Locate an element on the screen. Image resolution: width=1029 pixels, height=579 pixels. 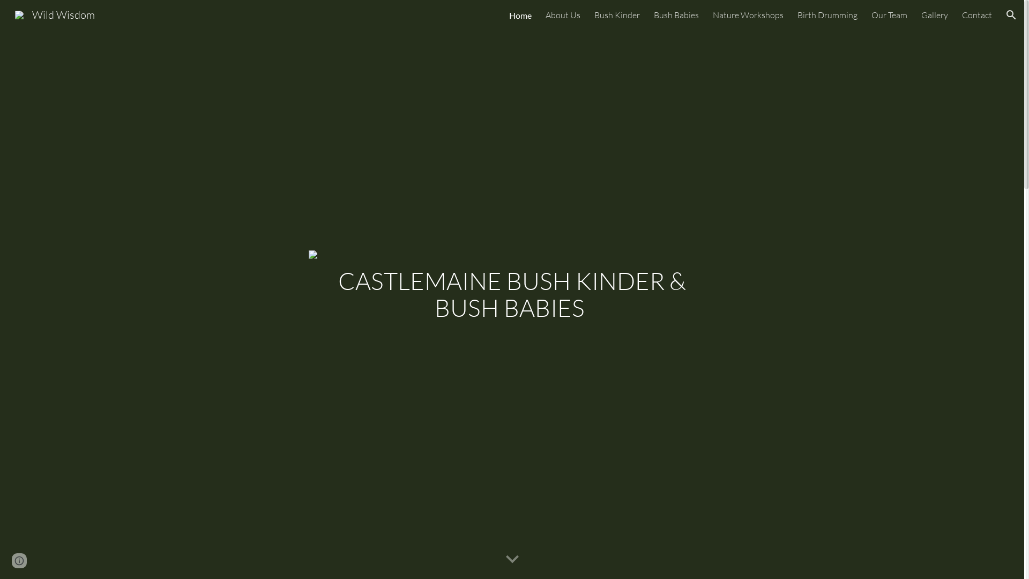
'Contact' is located at coordinates (977, 14).